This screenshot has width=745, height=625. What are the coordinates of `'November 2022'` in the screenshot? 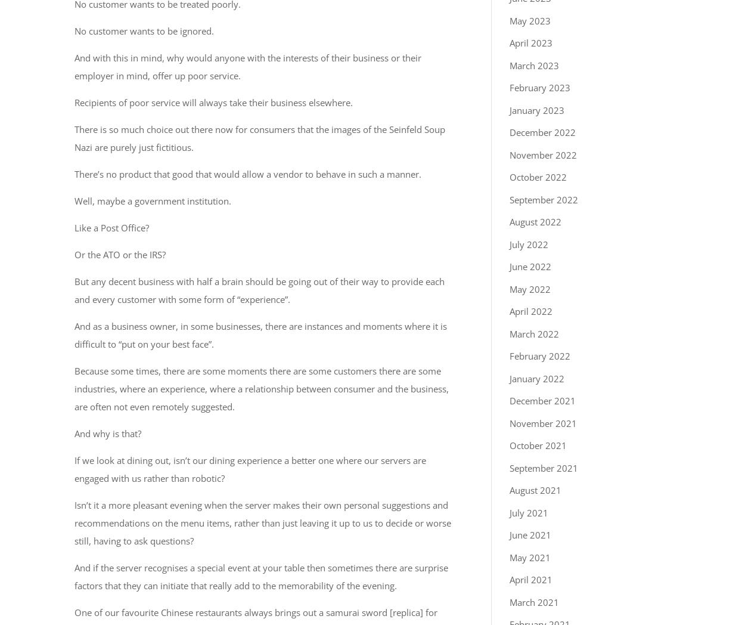 It's located at (543, 154).